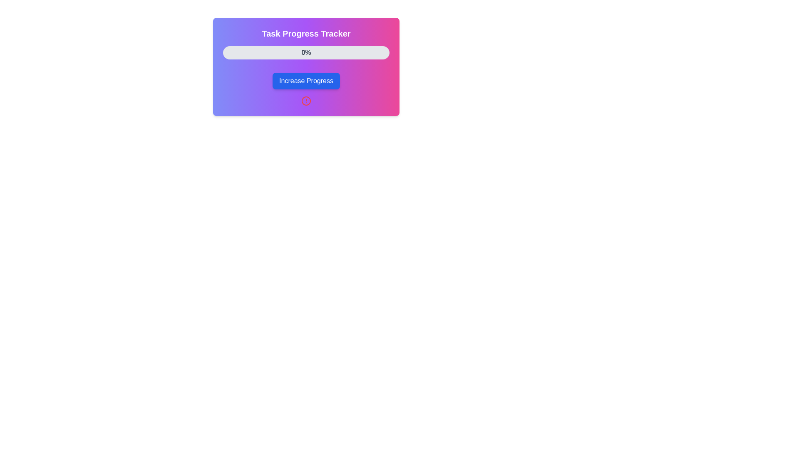  Describe the element at coordinates (305, 67) in the screenshot. I see `the progress bar by interacting with the progress tracking widget that displays the user's progress percentage` at that location.